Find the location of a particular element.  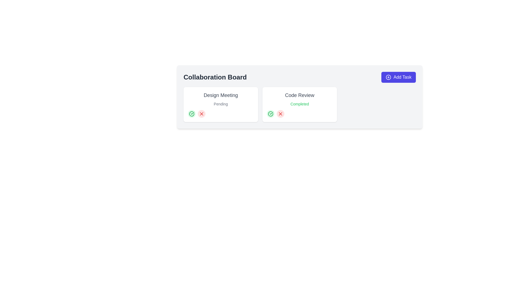

the 'Collaboration Board' text label, which is prominently displayed in bold, large font within the header section of a card interface is located at coordinates (215, 77).